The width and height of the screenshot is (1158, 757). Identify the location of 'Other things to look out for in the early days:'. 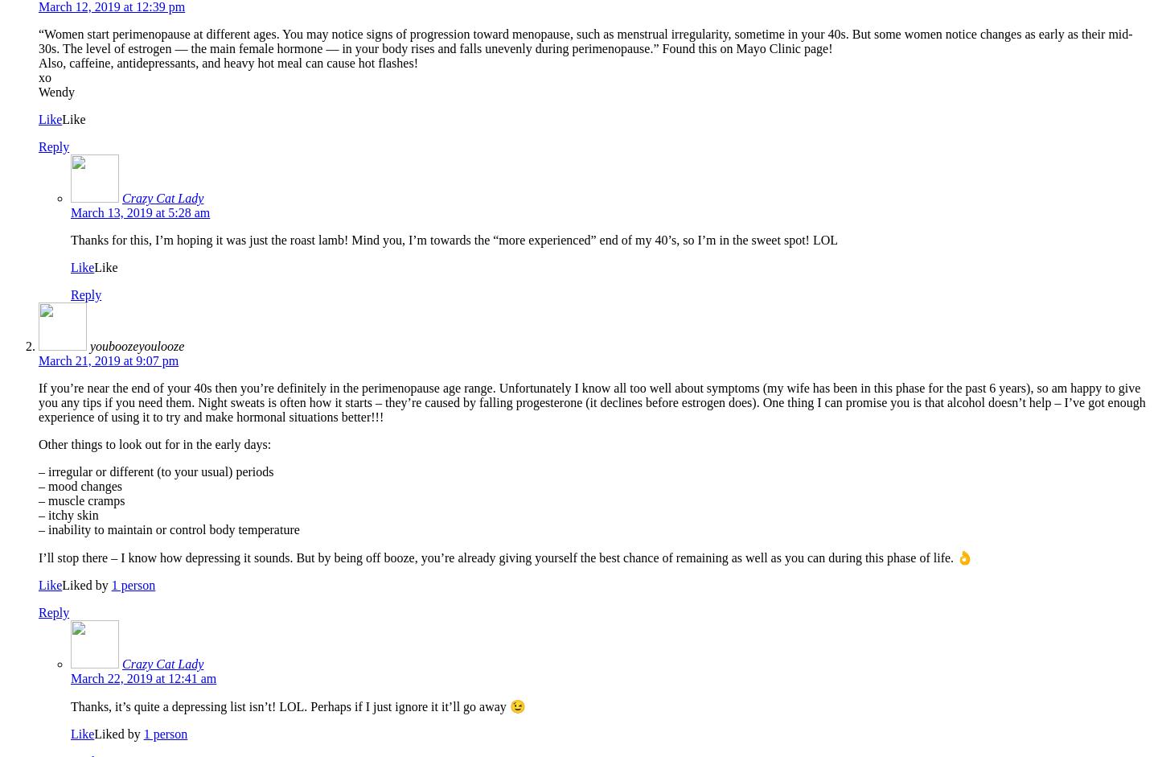
(37, 444).